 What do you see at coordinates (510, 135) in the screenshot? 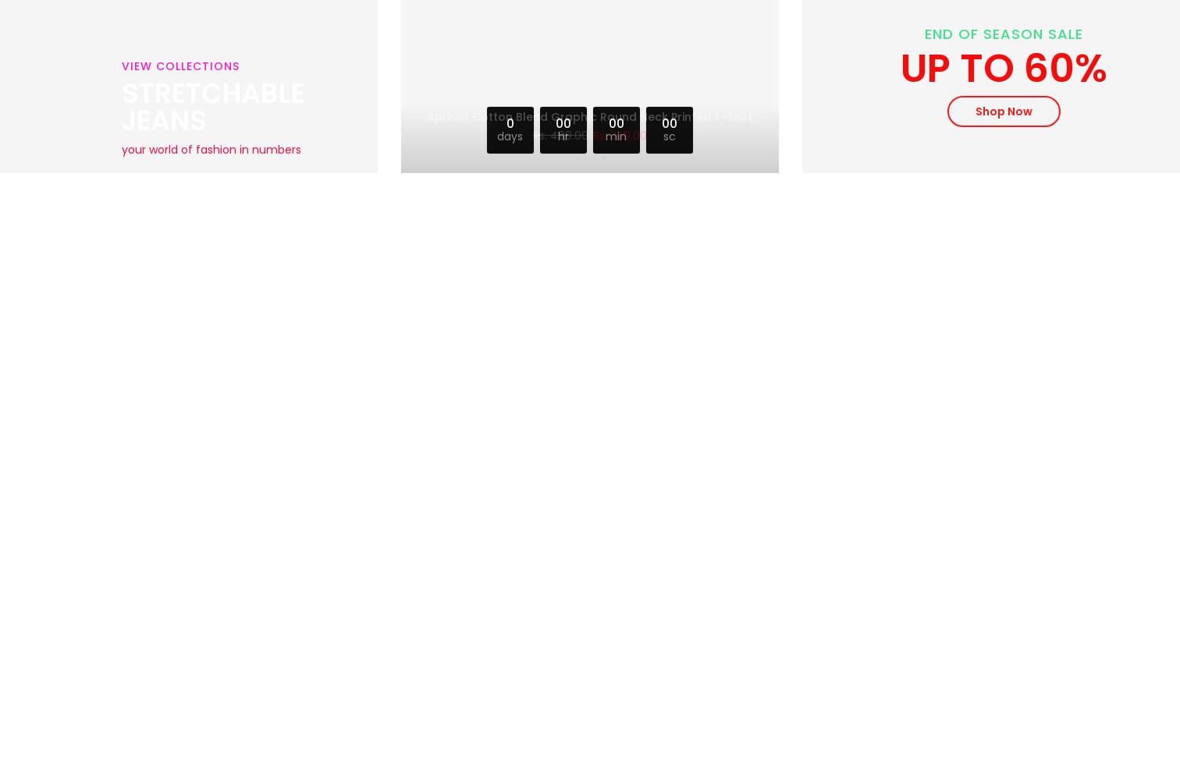
I see `'days'` at bounding box center [510, 135].